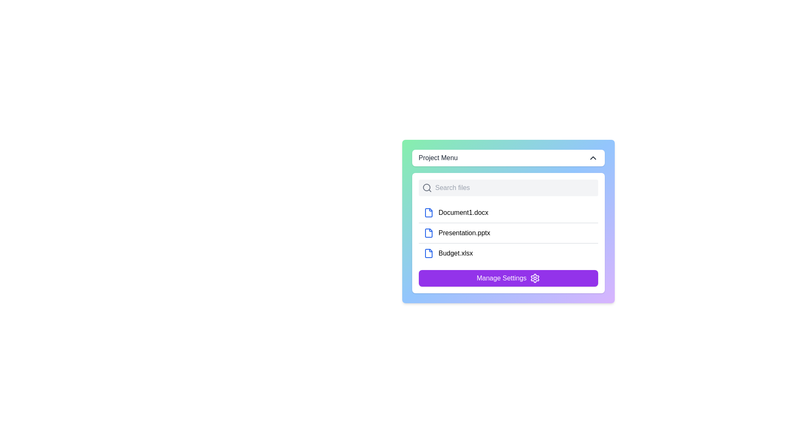 This screenshot has width=797, height=448. What do you see at coordinates (428, 253) in the screenshot?
I see `the icon representing the file type or status of 'Budget.xlsx' located in the bottommost entry of the dropdown menu` at bounding box center [428, 253].